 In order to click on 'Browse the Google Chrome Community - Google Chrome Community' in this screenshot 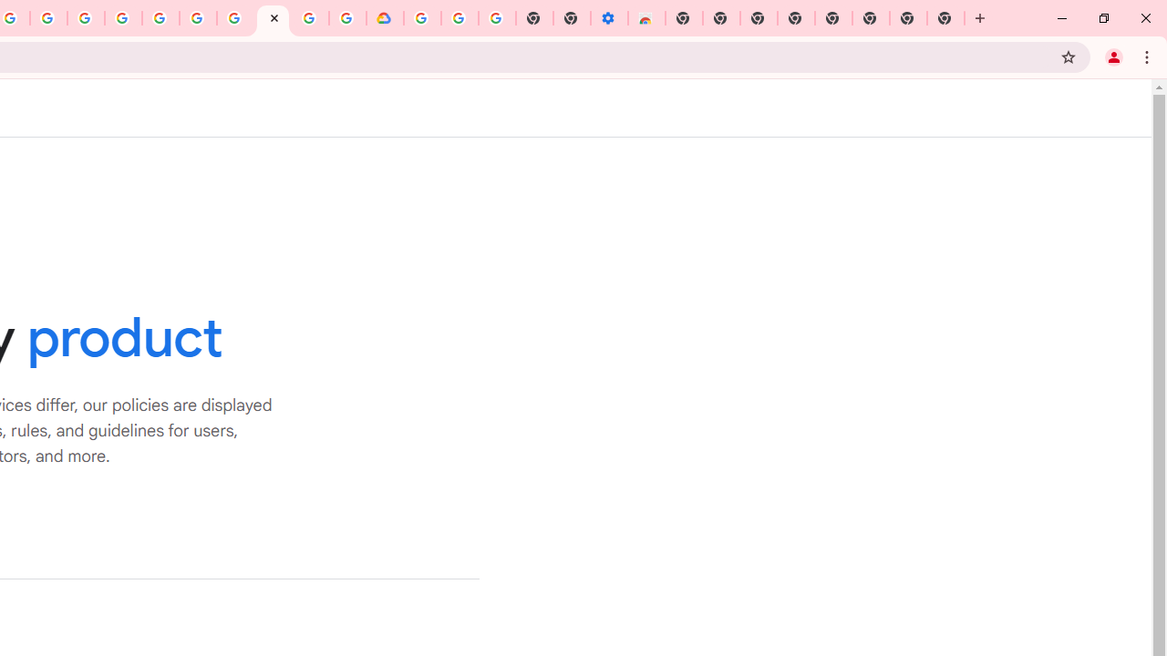, I will do `click(347, 18)`.